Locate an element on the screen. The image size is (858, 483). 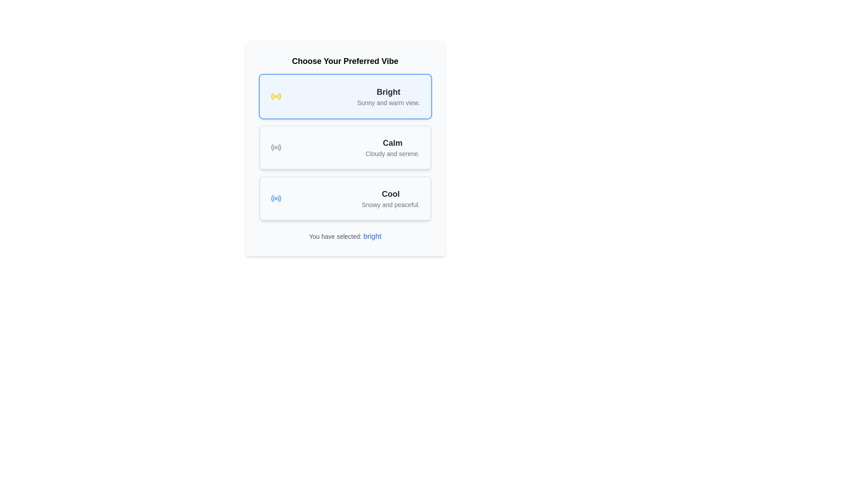
the text label displaying 'Sunny and warm view.' which is located directly below the title 'Bright' in the first option block of the vertical selection list is located at coordinates (388, 102).